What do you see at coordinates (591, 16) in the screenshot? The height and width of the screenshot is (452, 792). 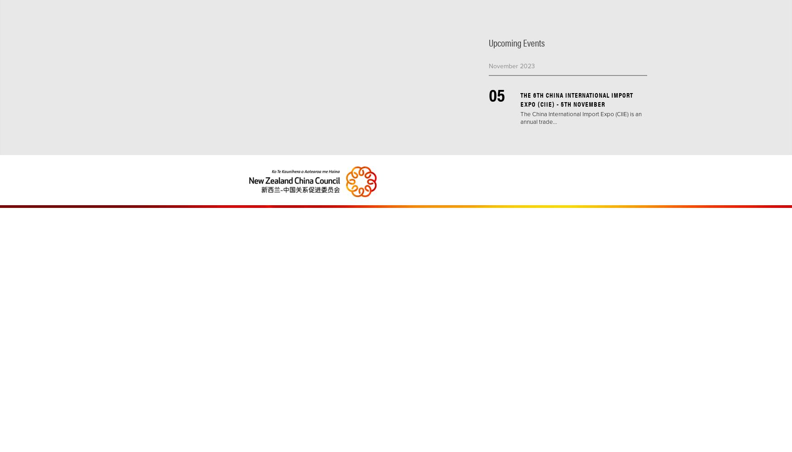 I see `'#collaboration'` at bounding box center [591, 16].